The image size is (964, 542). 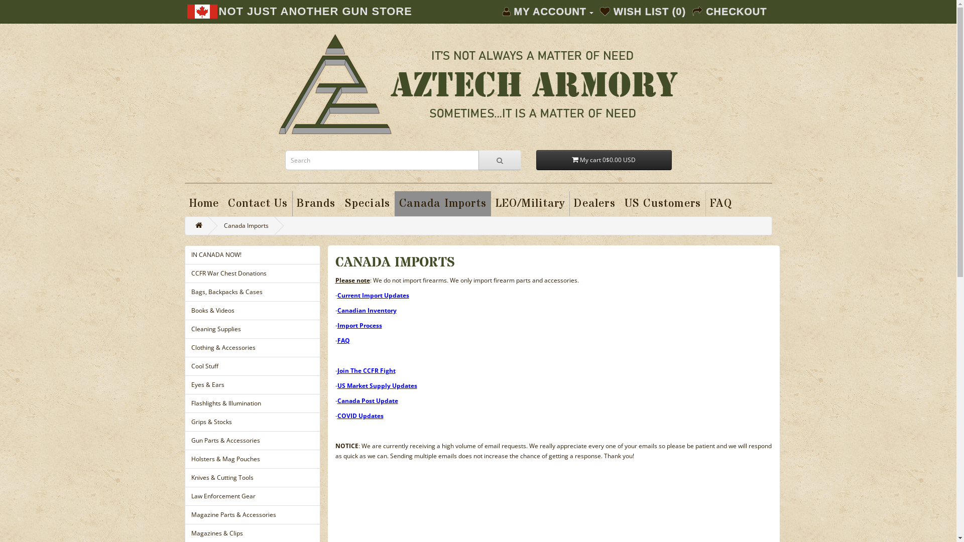 I want to click on 'Bags, Backpacks & Cases', so click(x=253, y=292).